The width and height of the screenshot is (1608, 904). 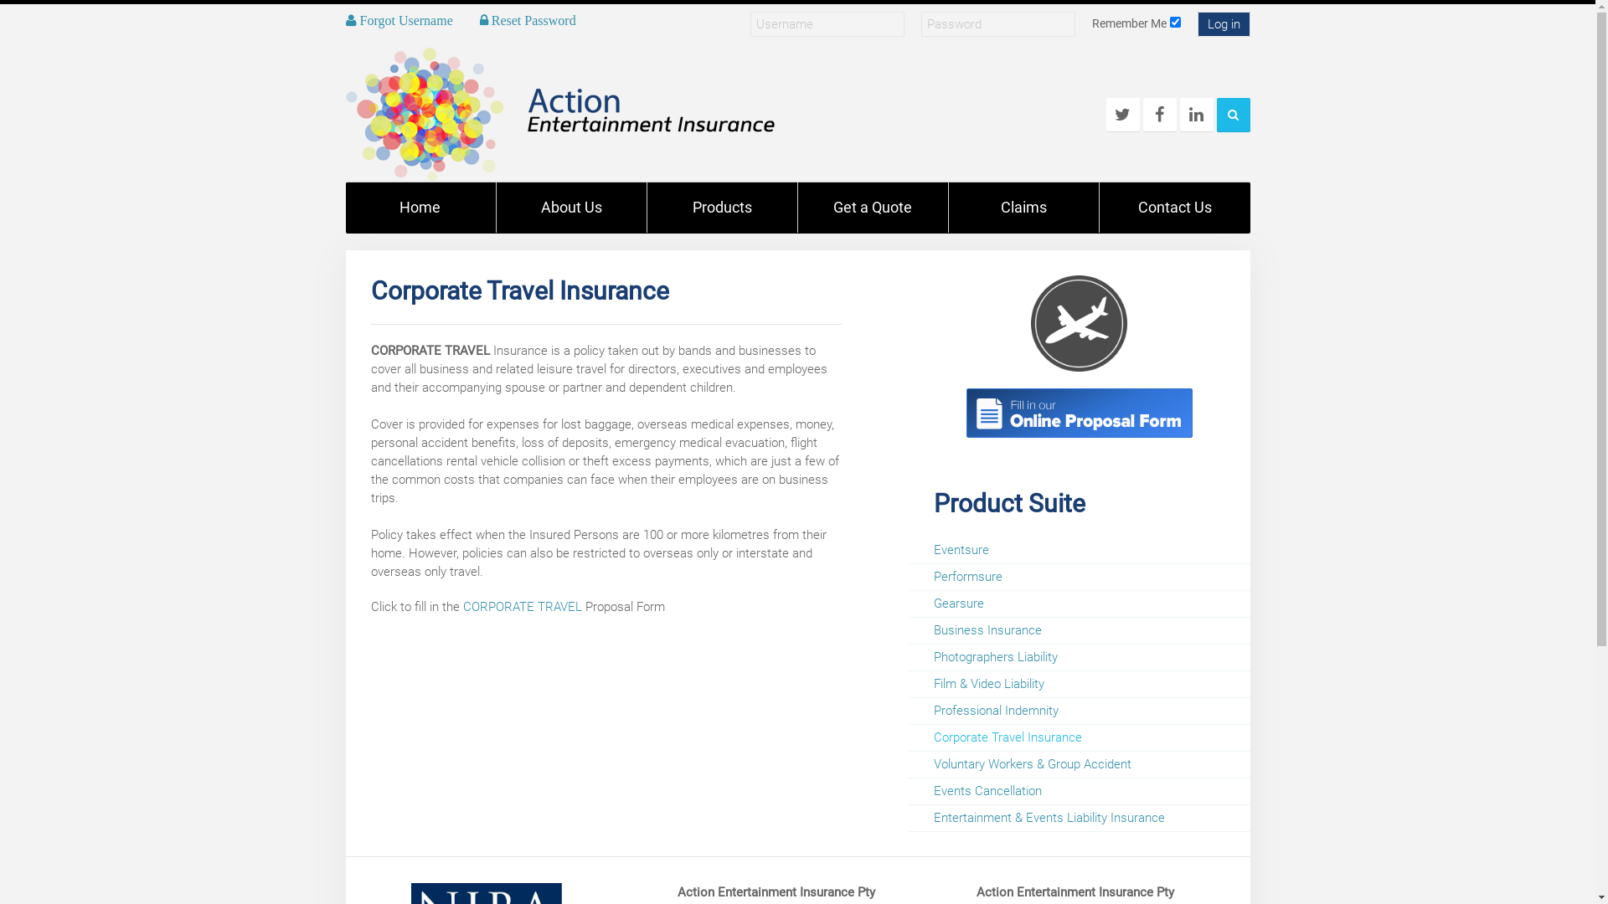 What do you see at coordinates (1172, 206) in the screenshot?
I see `'Contact Us'` at bounding box center [1172, 206].